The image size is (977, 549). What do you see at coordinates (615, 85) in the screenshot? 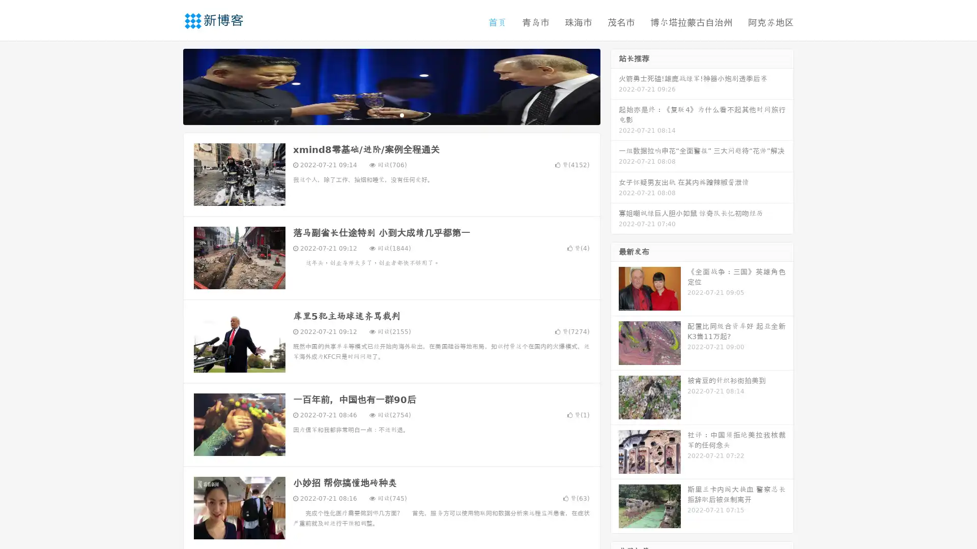
I see `Next slide` at bounding box center [615, 85].